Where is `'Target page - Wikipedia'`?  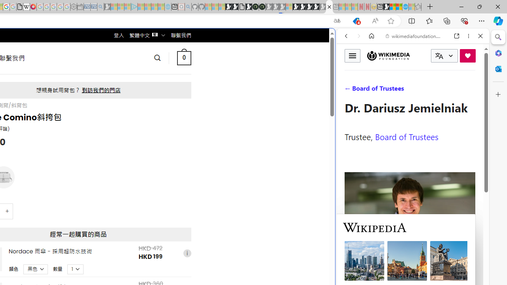 'Target page - Wikipedia' is located at coordinates (27, 7).